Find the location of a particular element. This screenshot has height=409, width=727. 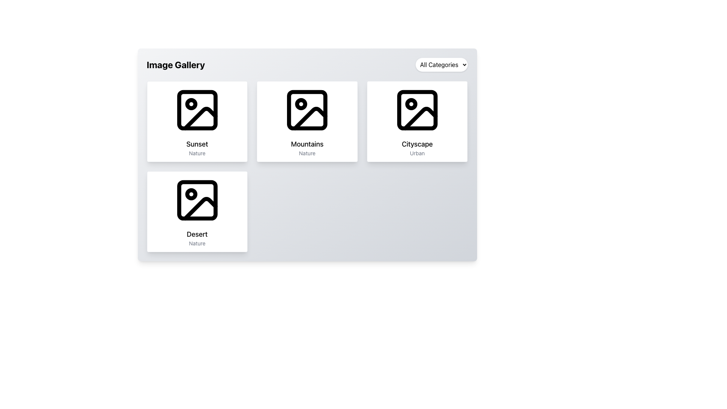

the decorative circular point within the 'Sunset' gallery icon, located in the first row and first column of the grid is located at coordinates (191, 104).